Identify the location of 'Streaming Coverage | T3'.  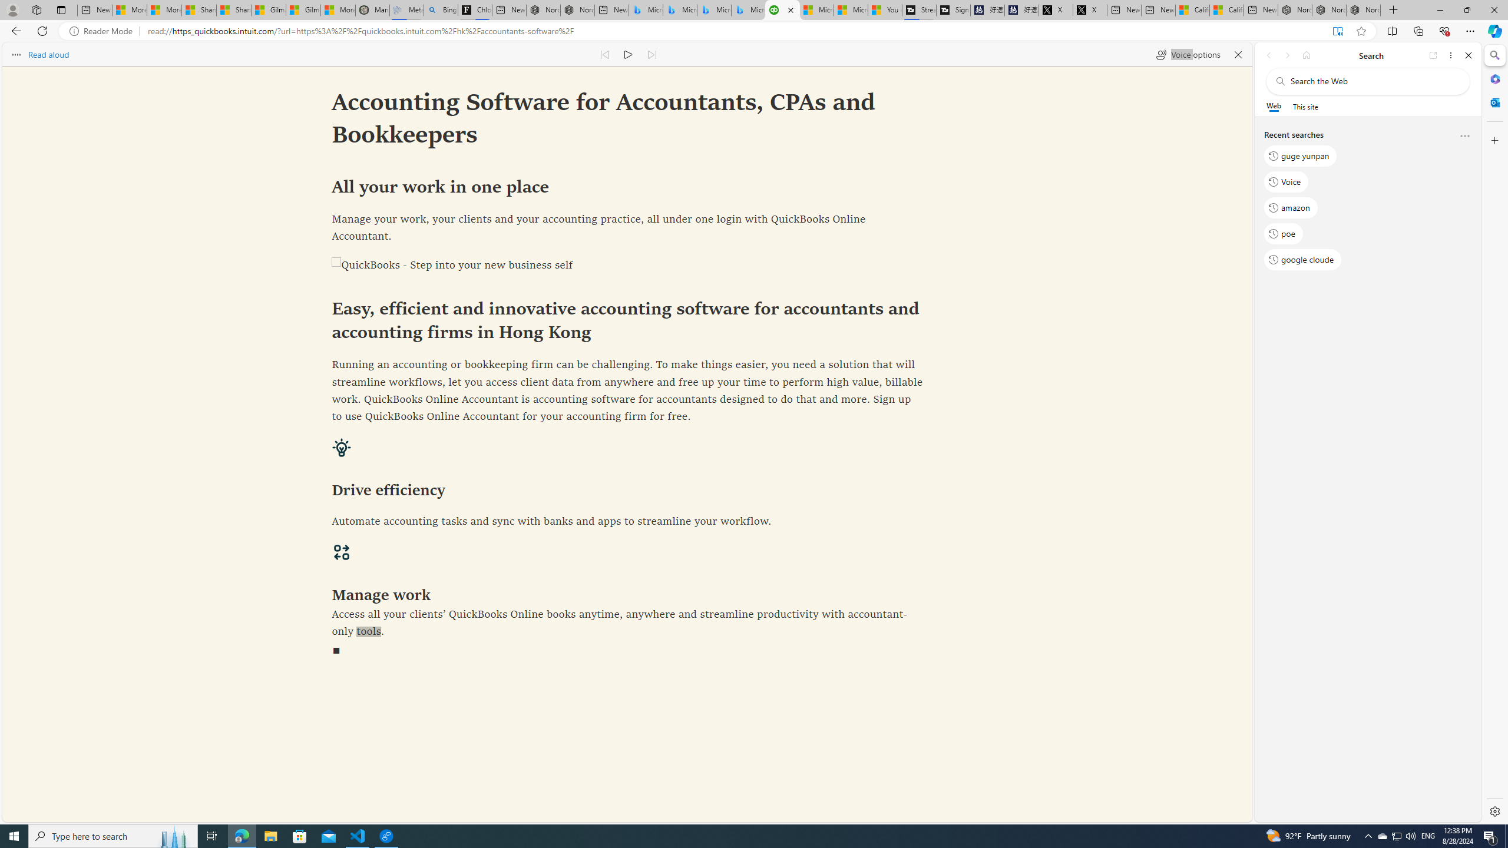
(919, 9).